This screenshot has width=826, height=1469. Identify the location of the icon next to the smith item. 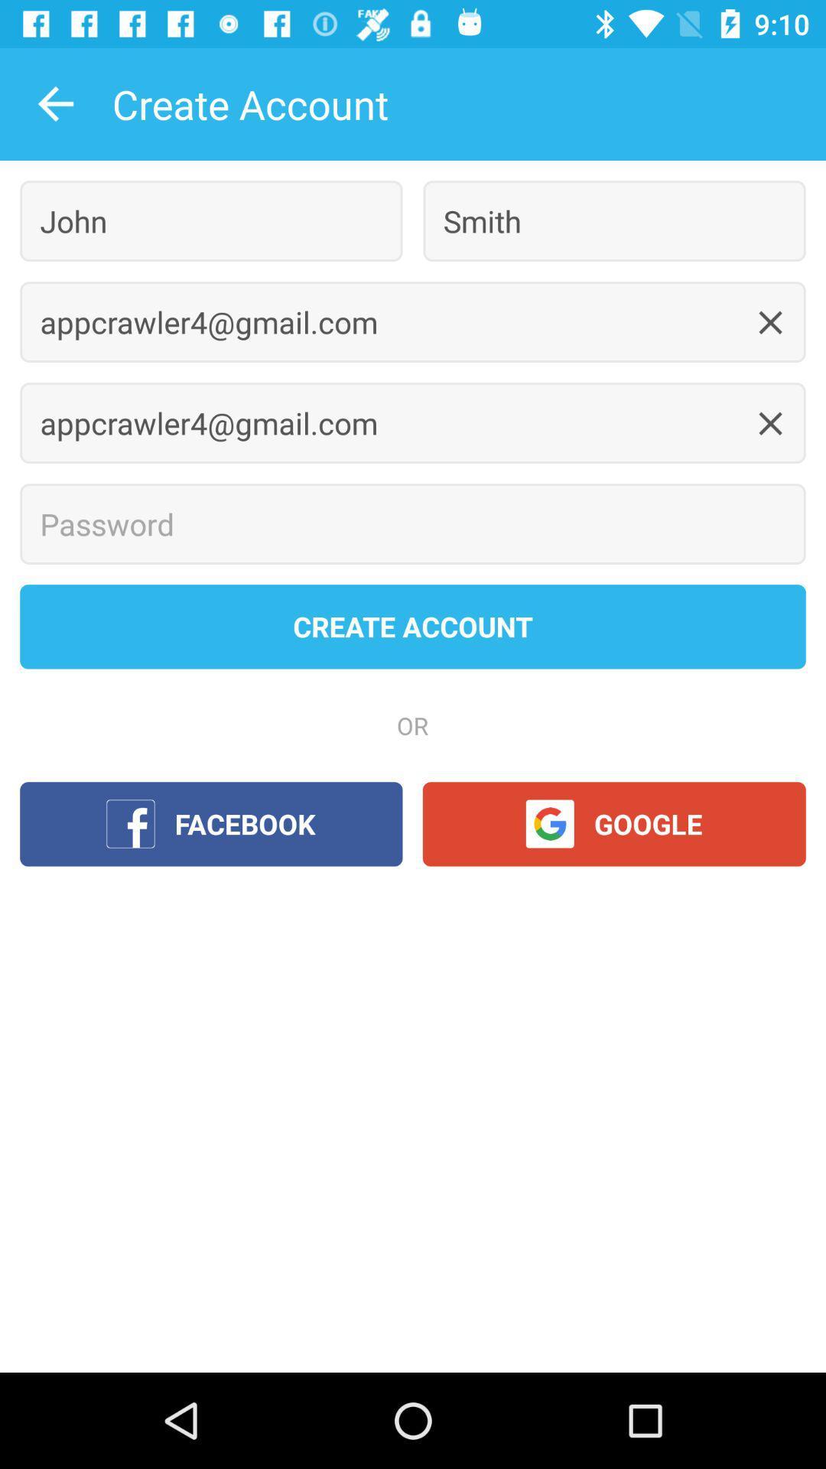
(211, 220).